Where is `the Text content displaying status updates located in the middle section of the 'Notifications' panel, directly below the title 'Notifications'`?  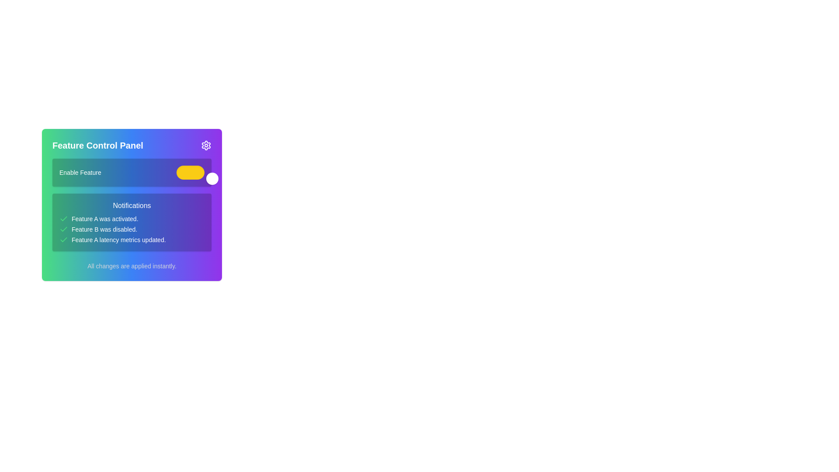
the Text content displaying status updates located in the middle section of the 'Notifications' panel, directly below the title 'Notifications' is located at coordinates (132, 229).